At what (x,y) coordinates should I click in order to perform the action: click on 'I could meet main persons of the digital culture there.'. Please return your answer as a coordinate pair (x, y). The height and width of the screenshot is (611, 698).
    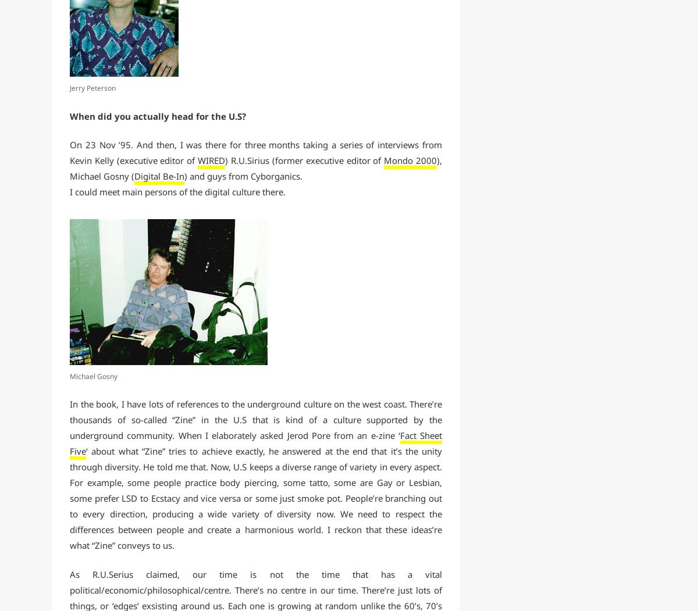
    Looking at the image, I should click on (177, 192).